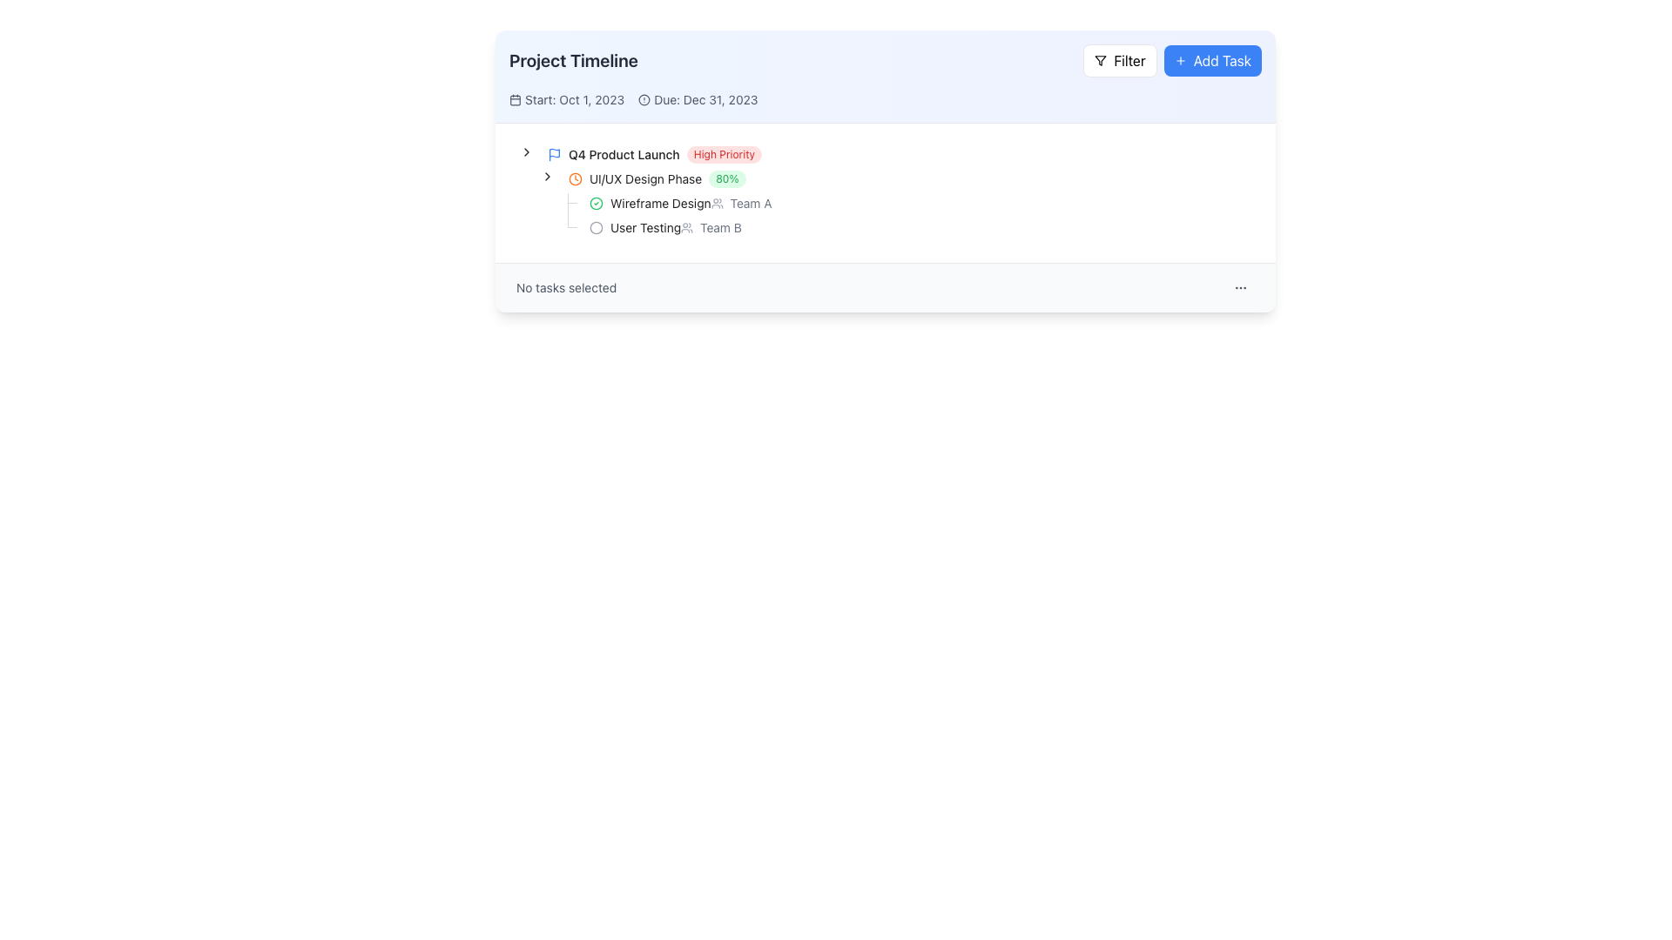  Describe the element at coordinates (727, 178) in the screenshot. I see `the rounded badge with a light green background displaying '80%' that follows the text 'UI/UX Design Phase' to read the completion percentage` at that location.